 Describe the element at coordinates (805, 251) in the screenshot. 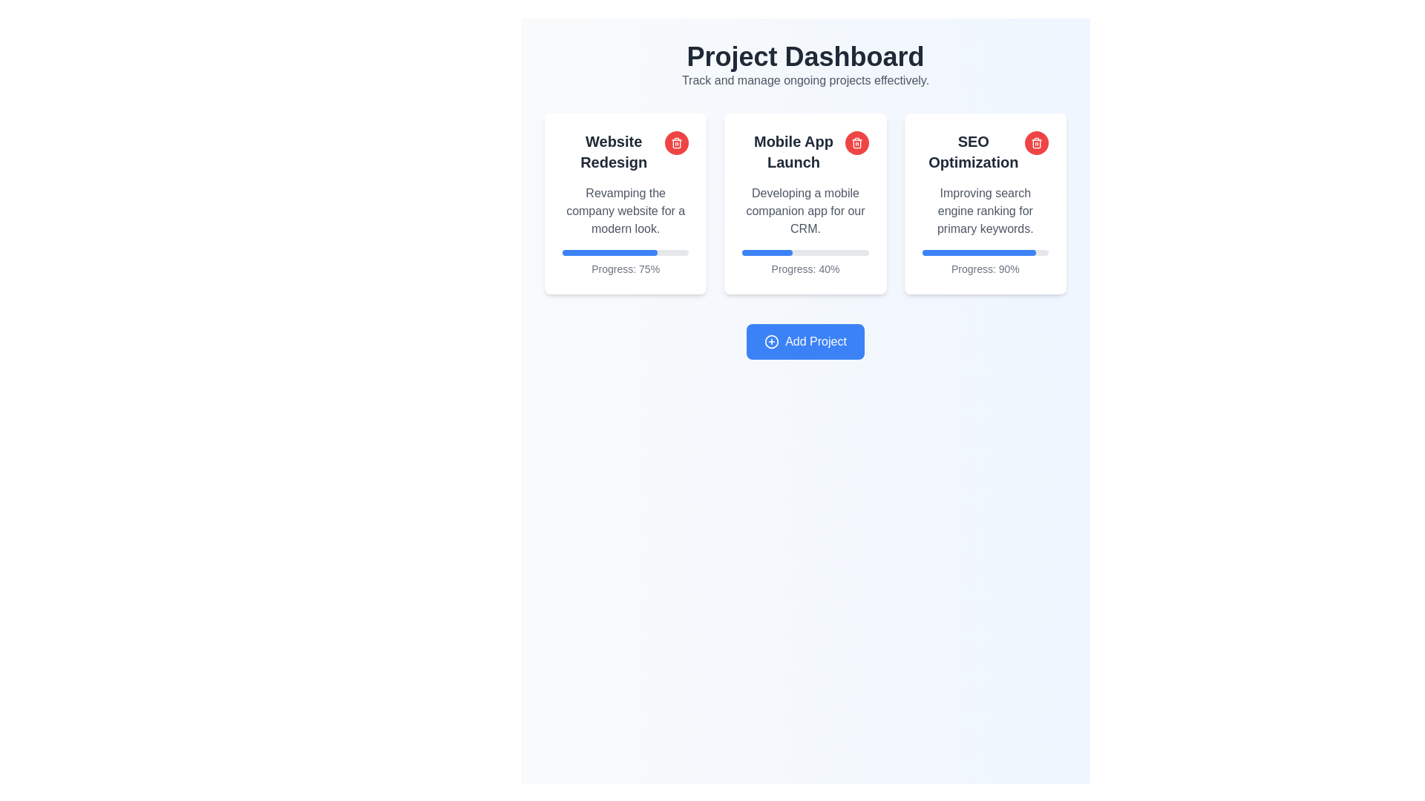

I see `the progress bar representing the task completion for the 'Mobile App Launch' project located on the dashboard, which shows 'Progress: 40%'` at that location.